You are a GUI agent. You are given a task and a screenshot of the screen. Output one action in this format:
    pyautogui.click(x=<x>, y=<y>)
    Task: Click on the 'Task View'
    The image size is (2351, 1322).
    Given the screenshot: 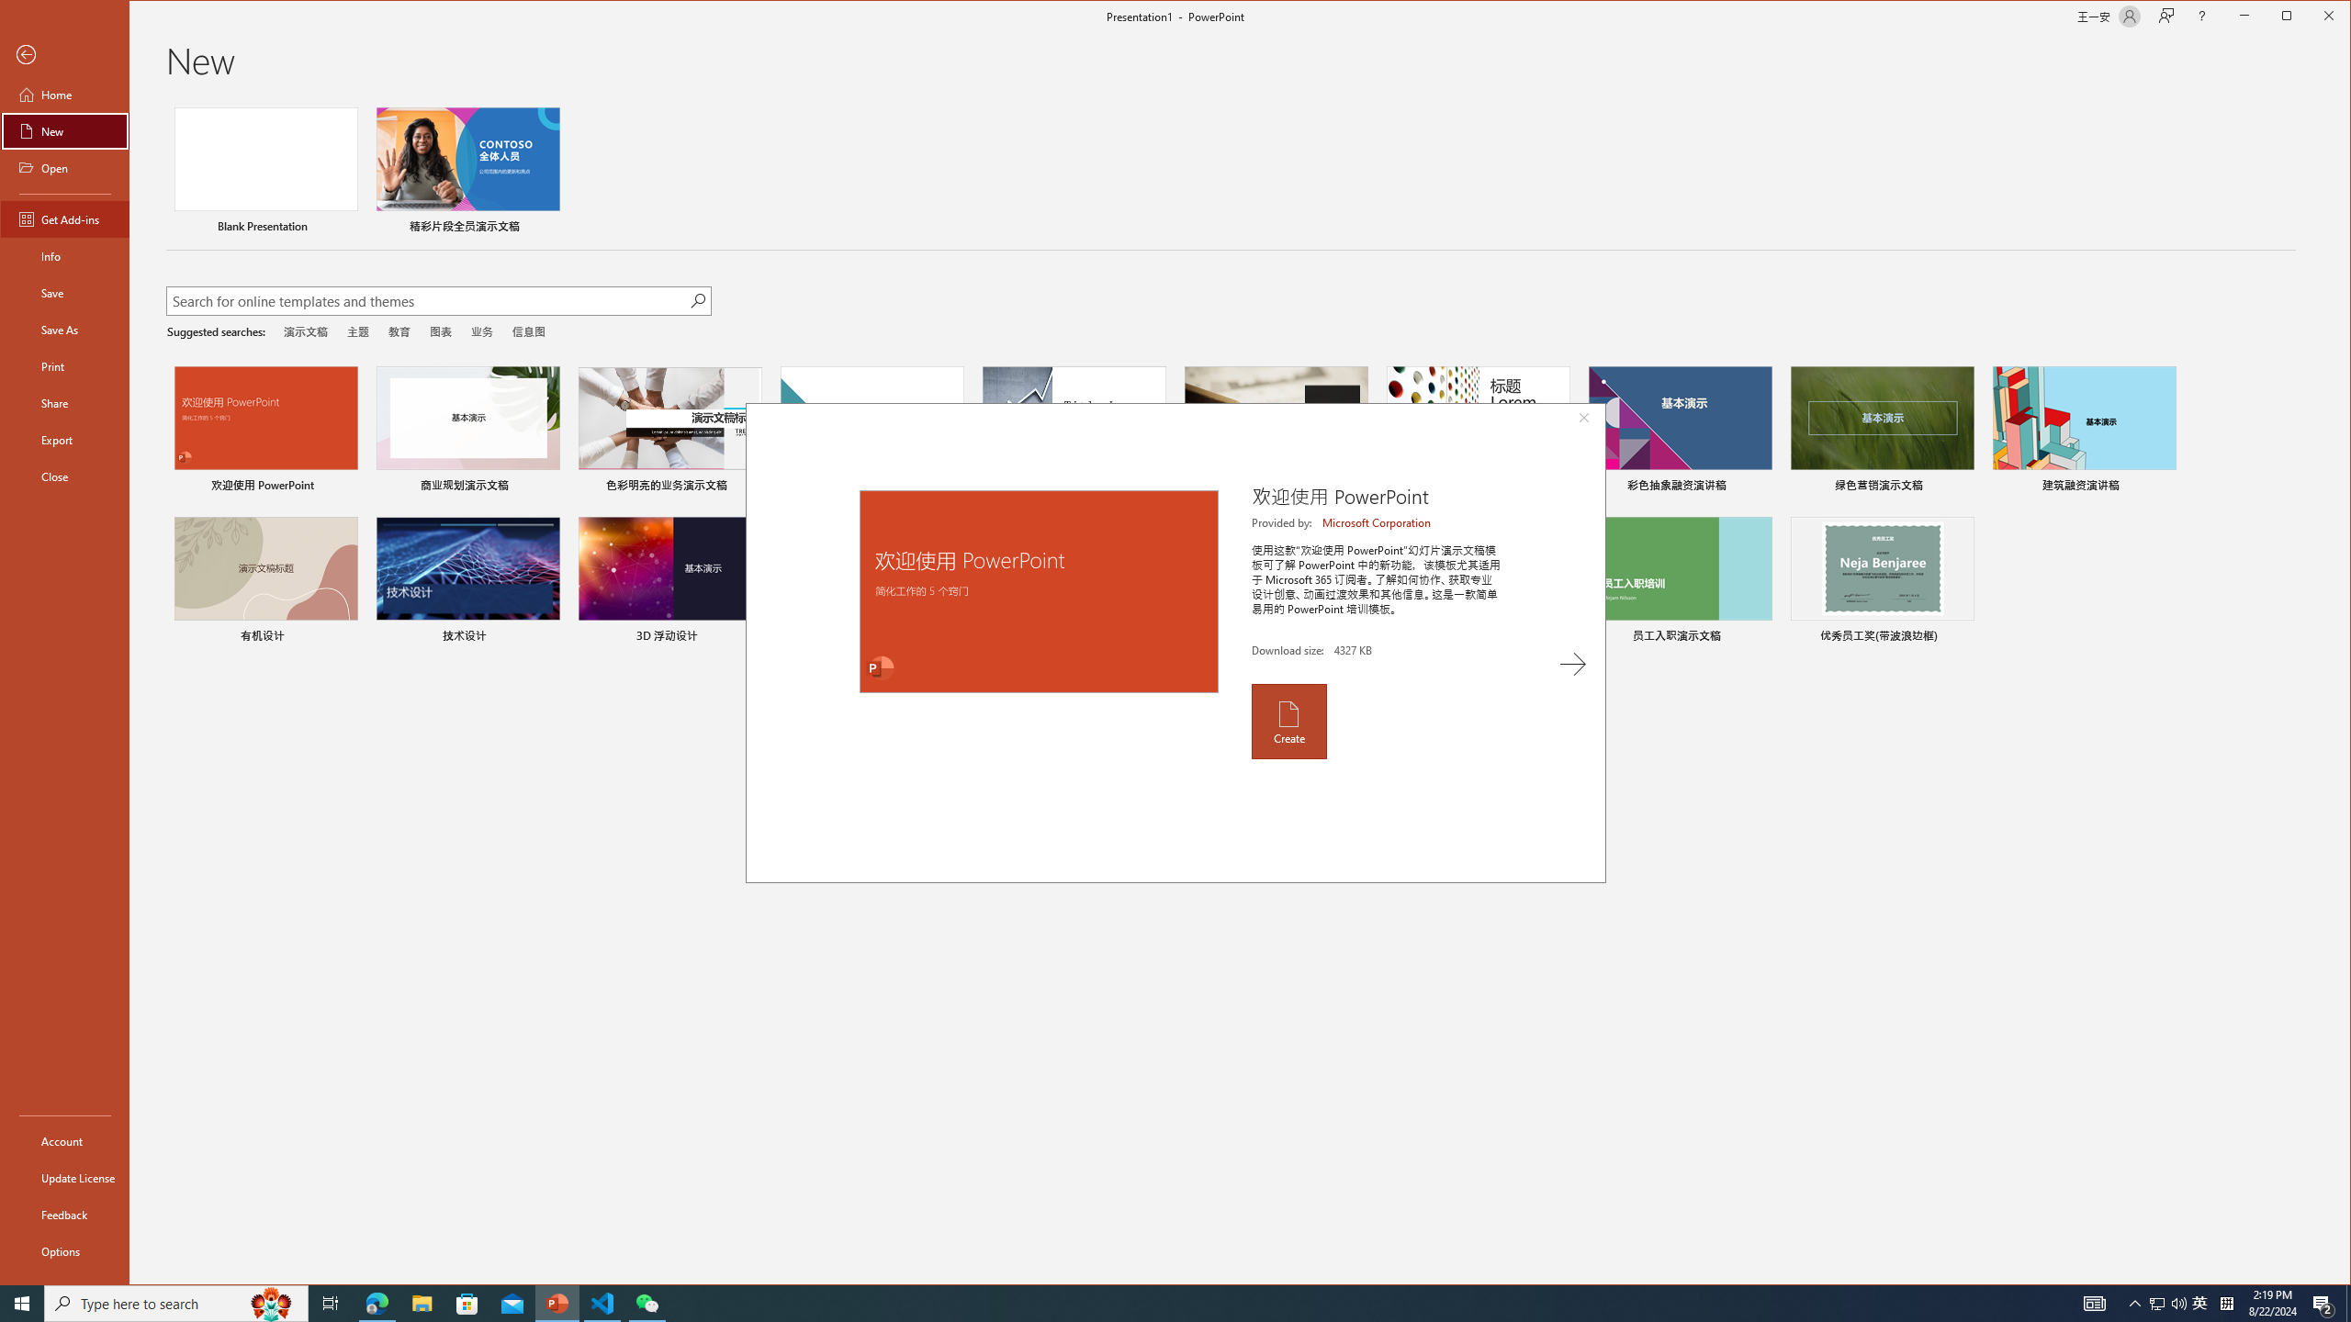 What is the action you would take?
    pyautogui.click(x=329, y=1302)
    